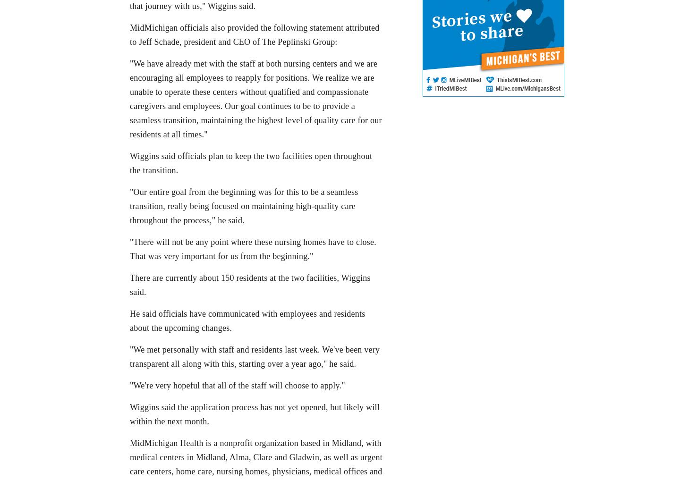 The image size is (680, 480). I want to click on '"Our entire goal from the beginning was for this to be a seamless transition, really being focused on maintaining high-quality care throughout the process," he said.', so click(129, 205).